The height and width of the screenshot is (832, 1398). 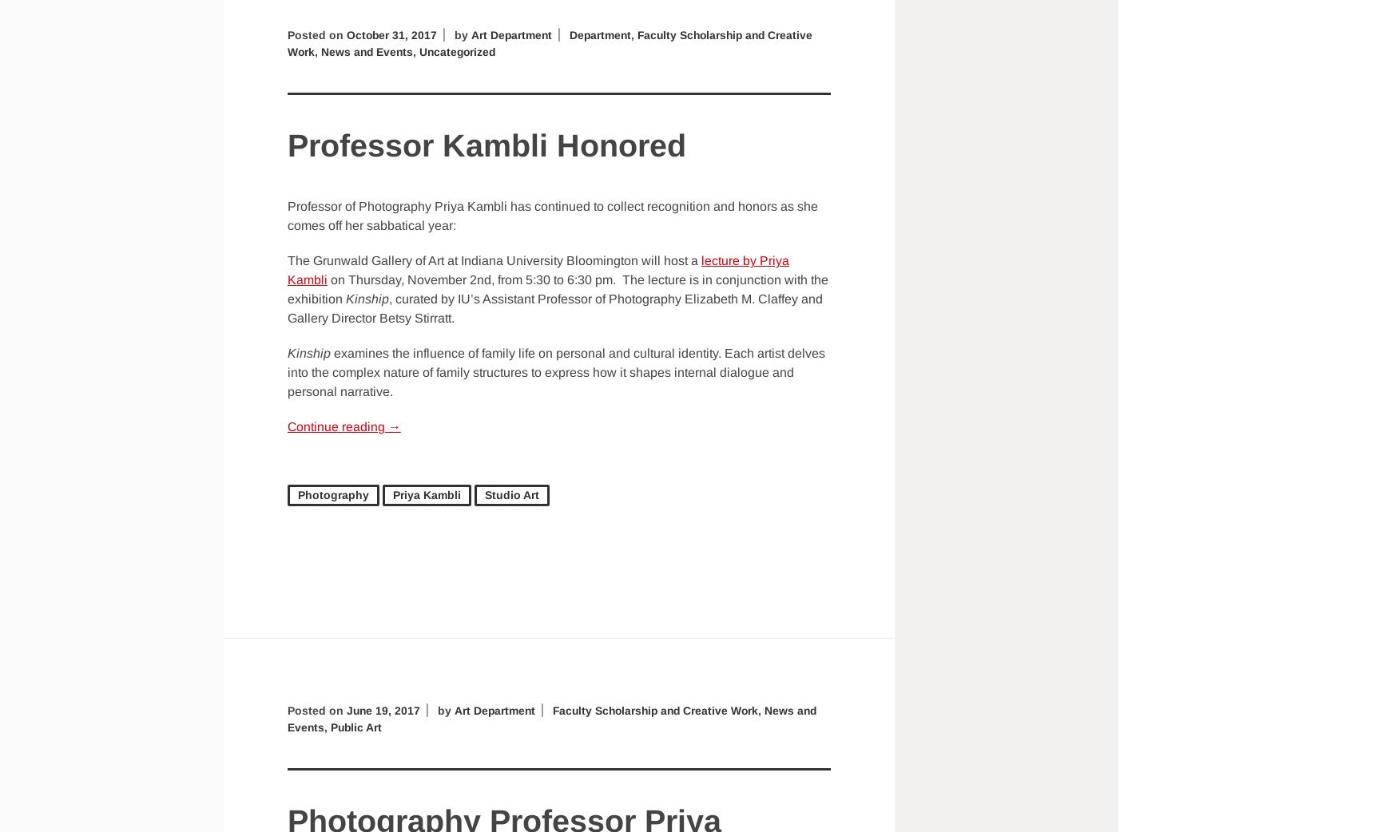 I want to click on 'Priya Kambli', so click(x=426, y=494).